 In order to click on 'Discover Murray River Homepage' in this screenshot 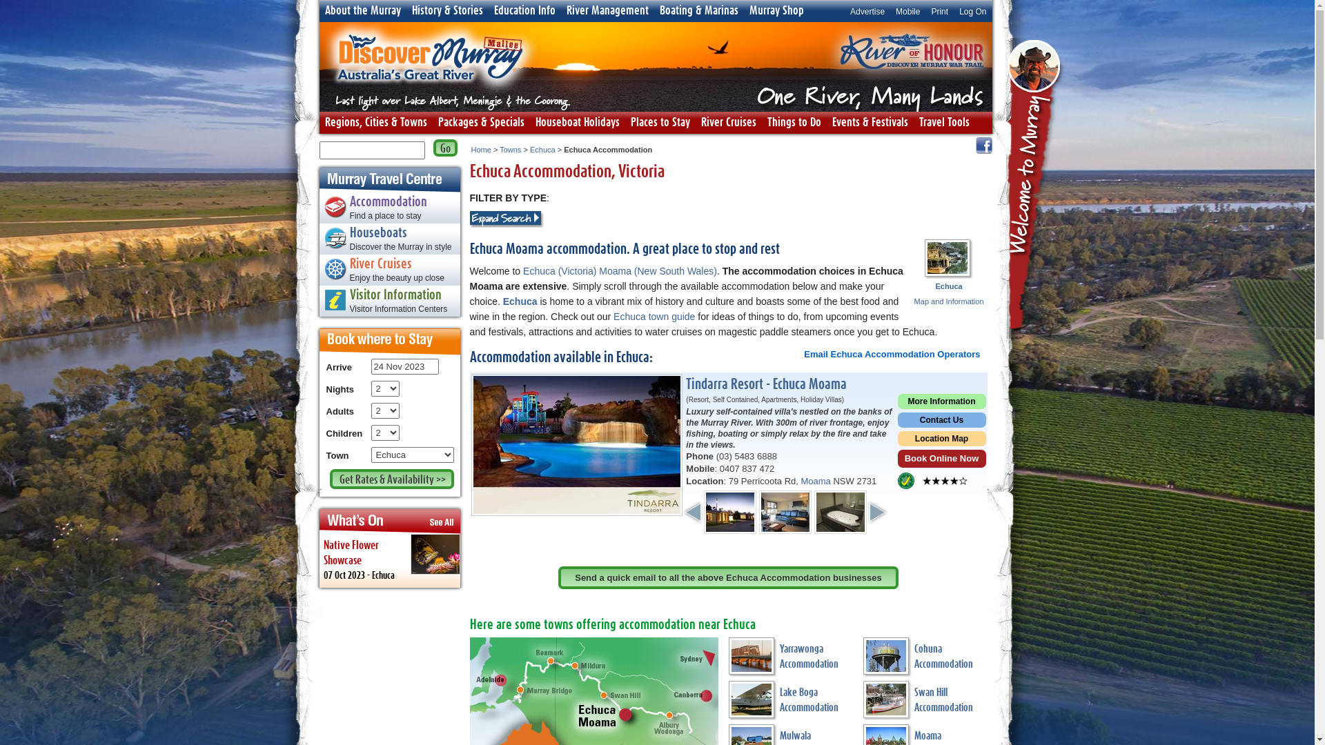, I will do `click(429, 95)`.